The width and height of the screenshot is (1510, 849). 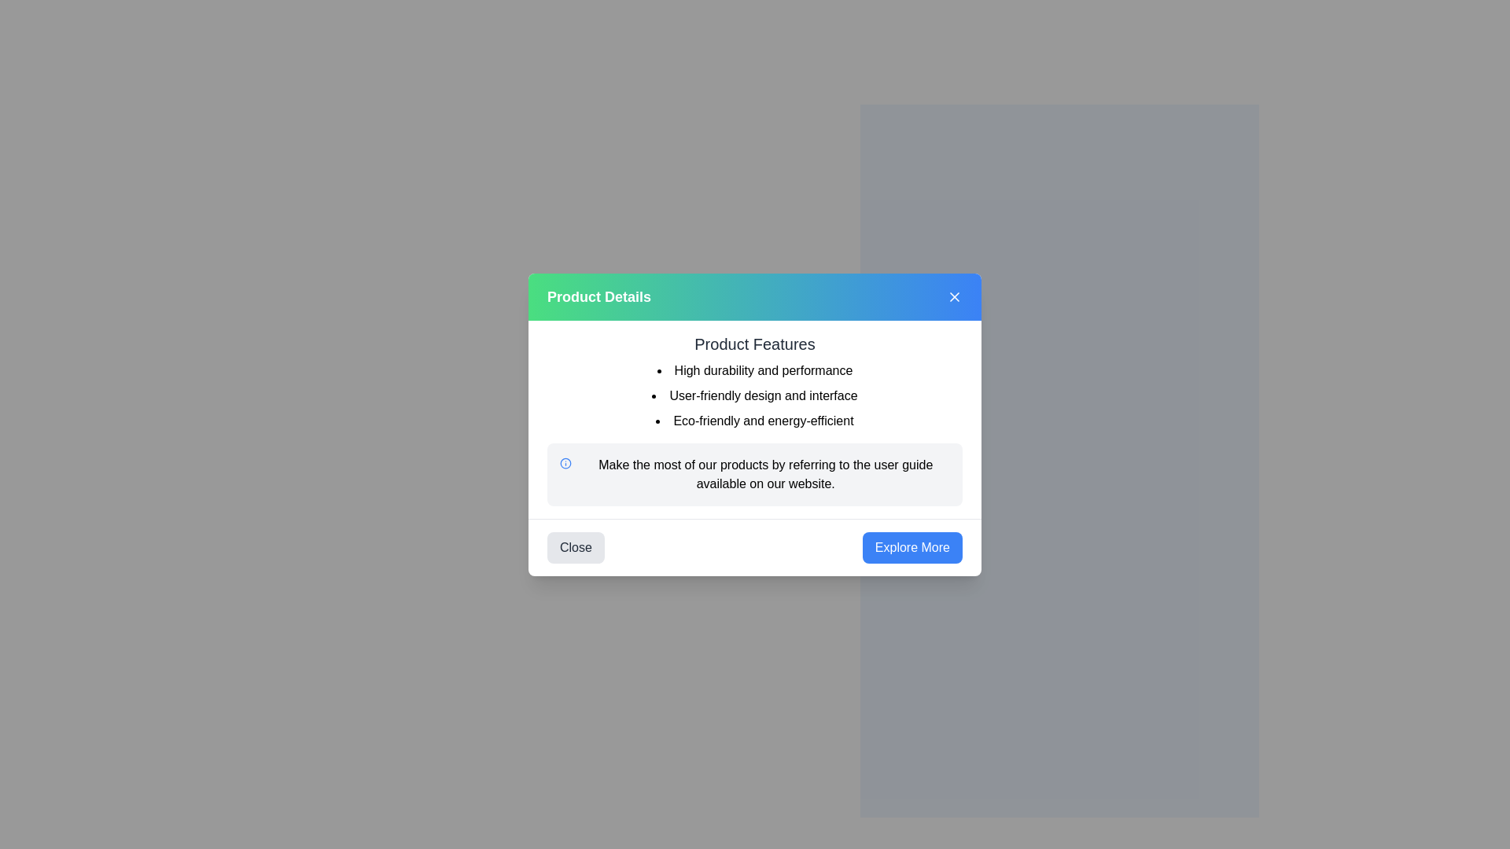 I want to click on the 'Close' button located at the bottom-left corner of the modal dialog, so click(x=575, y=546).